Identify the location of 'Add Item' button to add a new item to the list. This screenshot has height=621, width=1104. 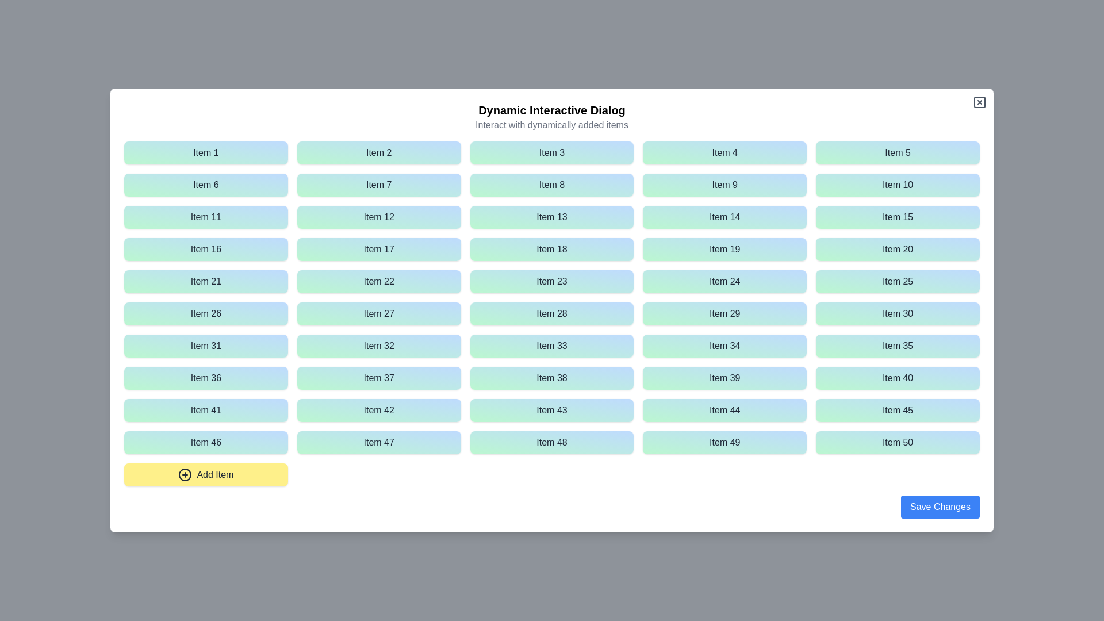
(206, 474).